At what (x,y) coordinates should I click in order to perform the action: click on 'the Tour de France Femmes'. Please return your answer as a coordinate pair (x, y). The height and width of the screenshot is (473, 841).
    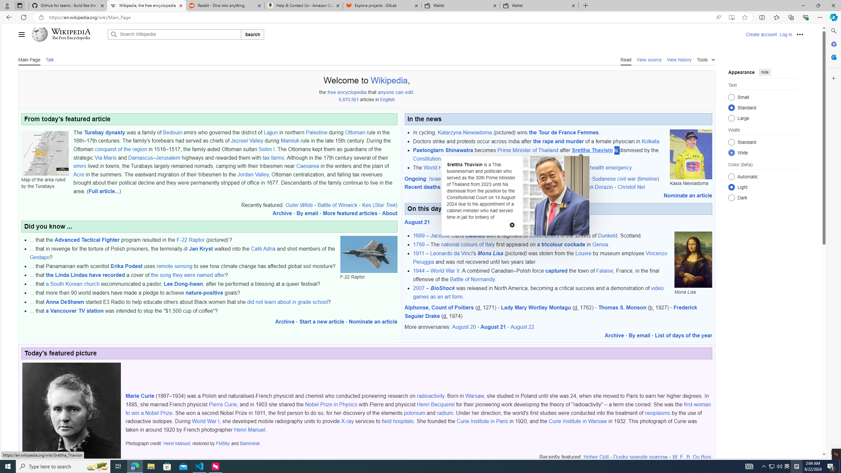
    Looking at the image, I should click on (564, 132).